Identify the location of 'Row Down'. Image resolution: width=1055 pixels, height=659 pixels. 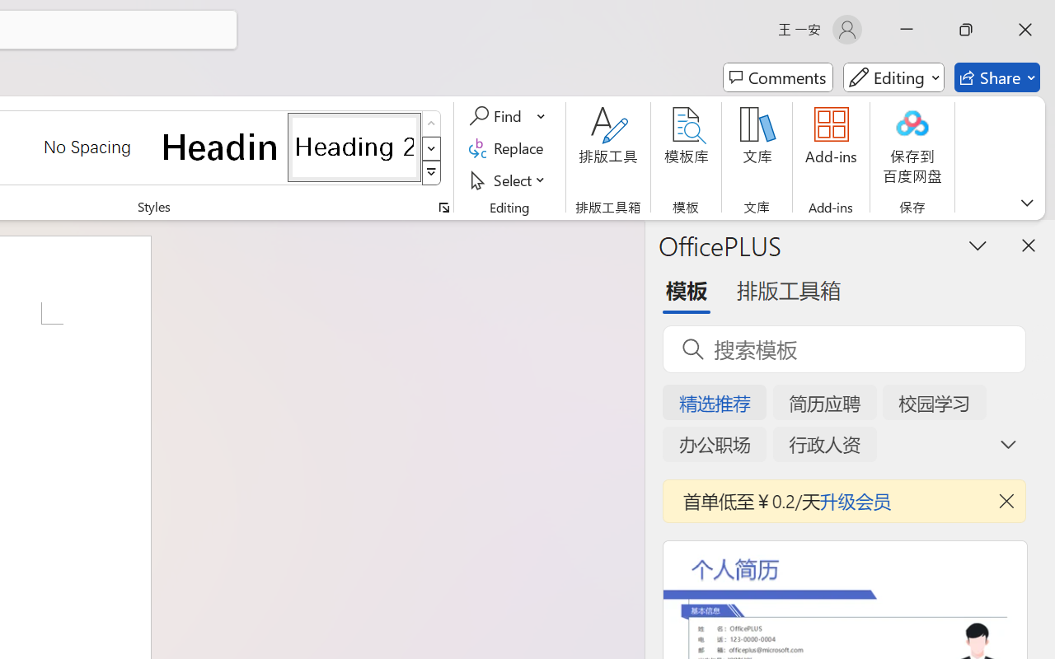
(431, 147).